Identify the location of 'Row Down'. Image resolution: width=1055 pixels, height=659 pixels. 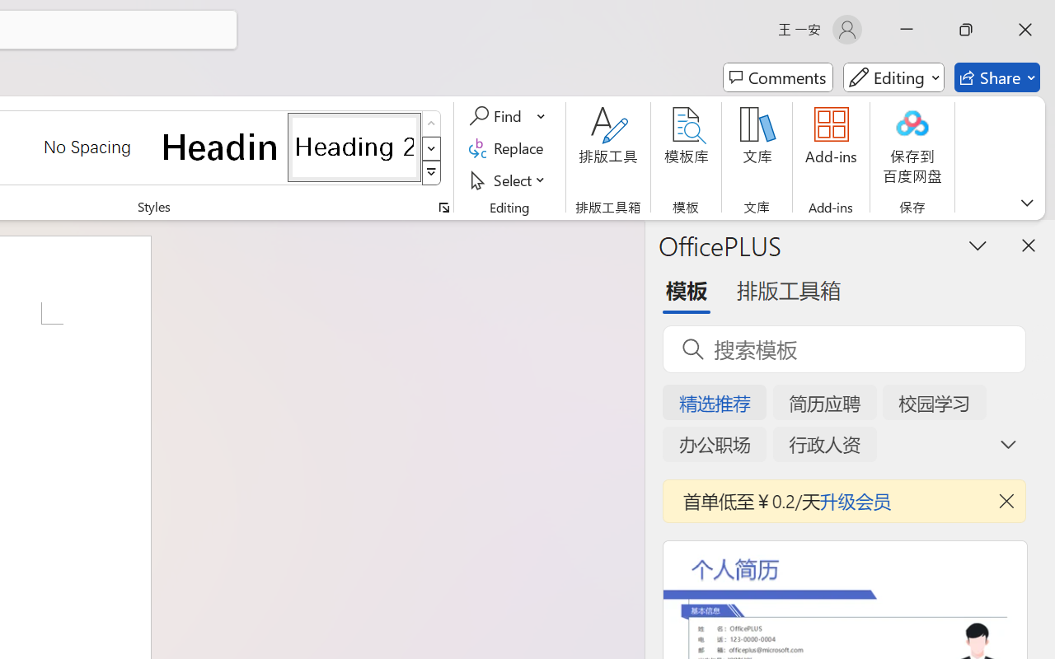
(431, 147).